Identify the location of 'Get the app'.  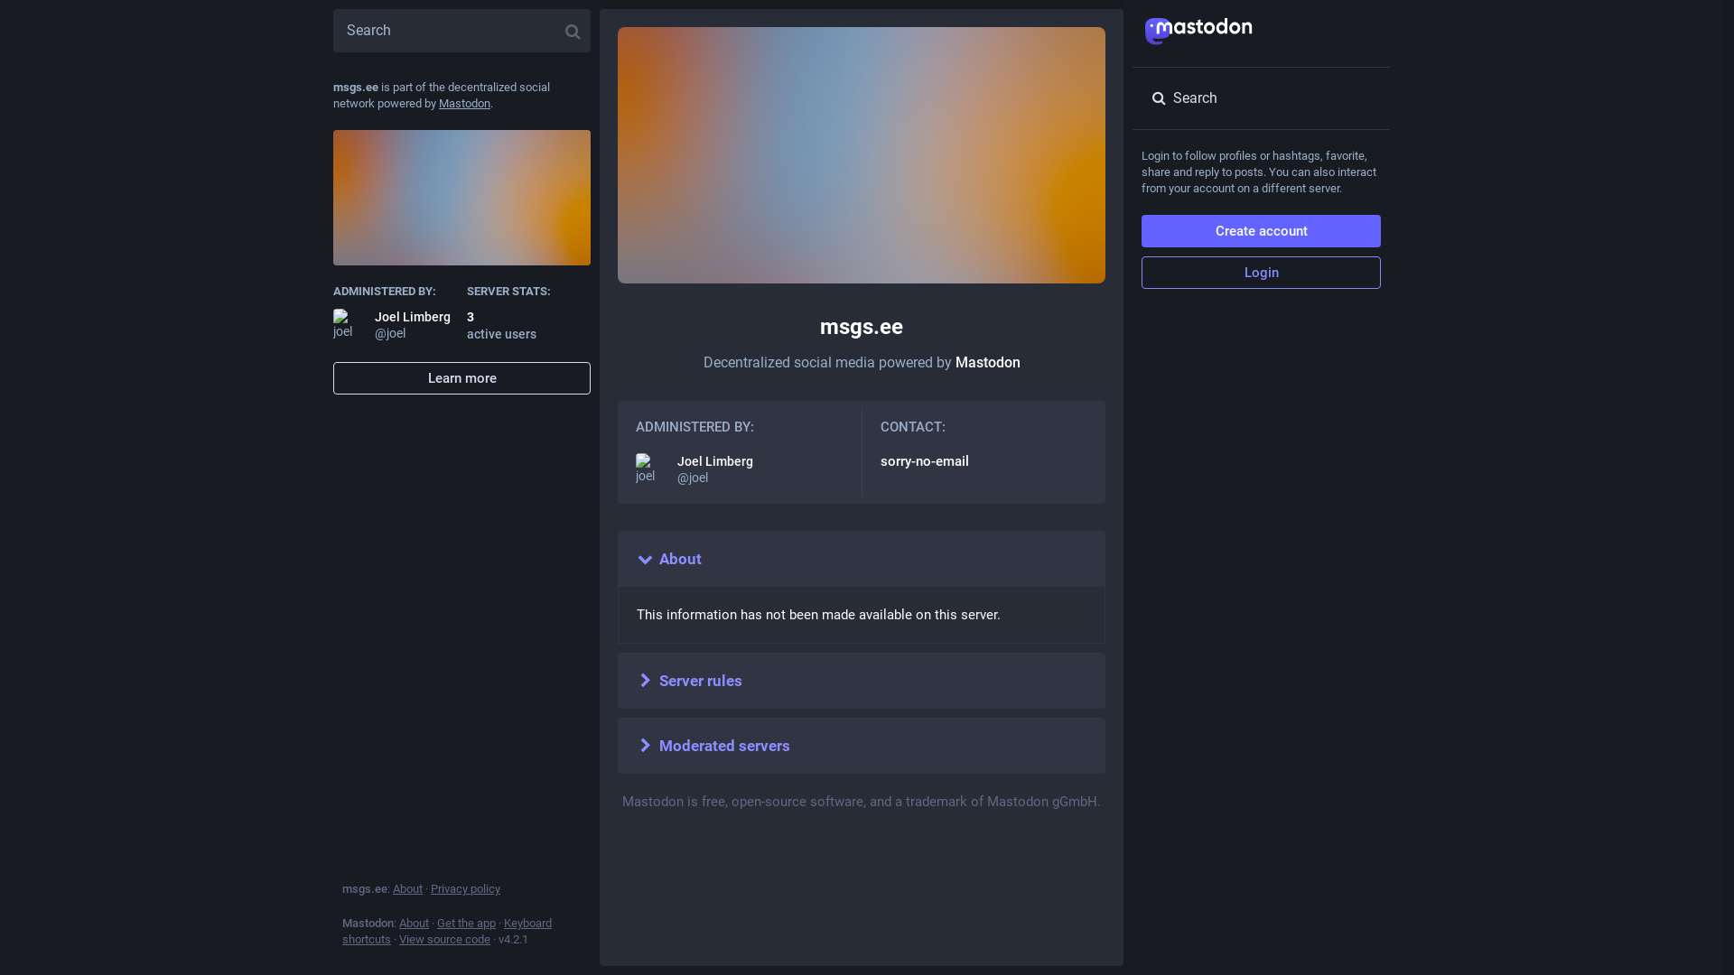
(466, 923).